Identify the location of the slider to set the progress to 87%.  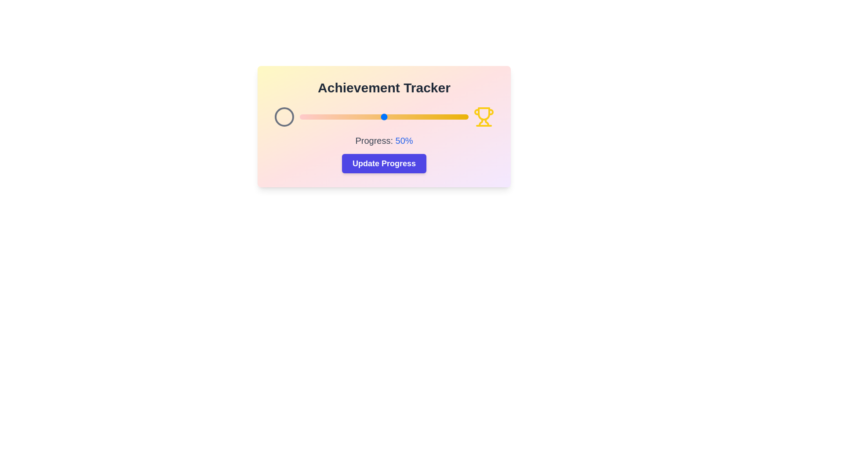
(447, 117).